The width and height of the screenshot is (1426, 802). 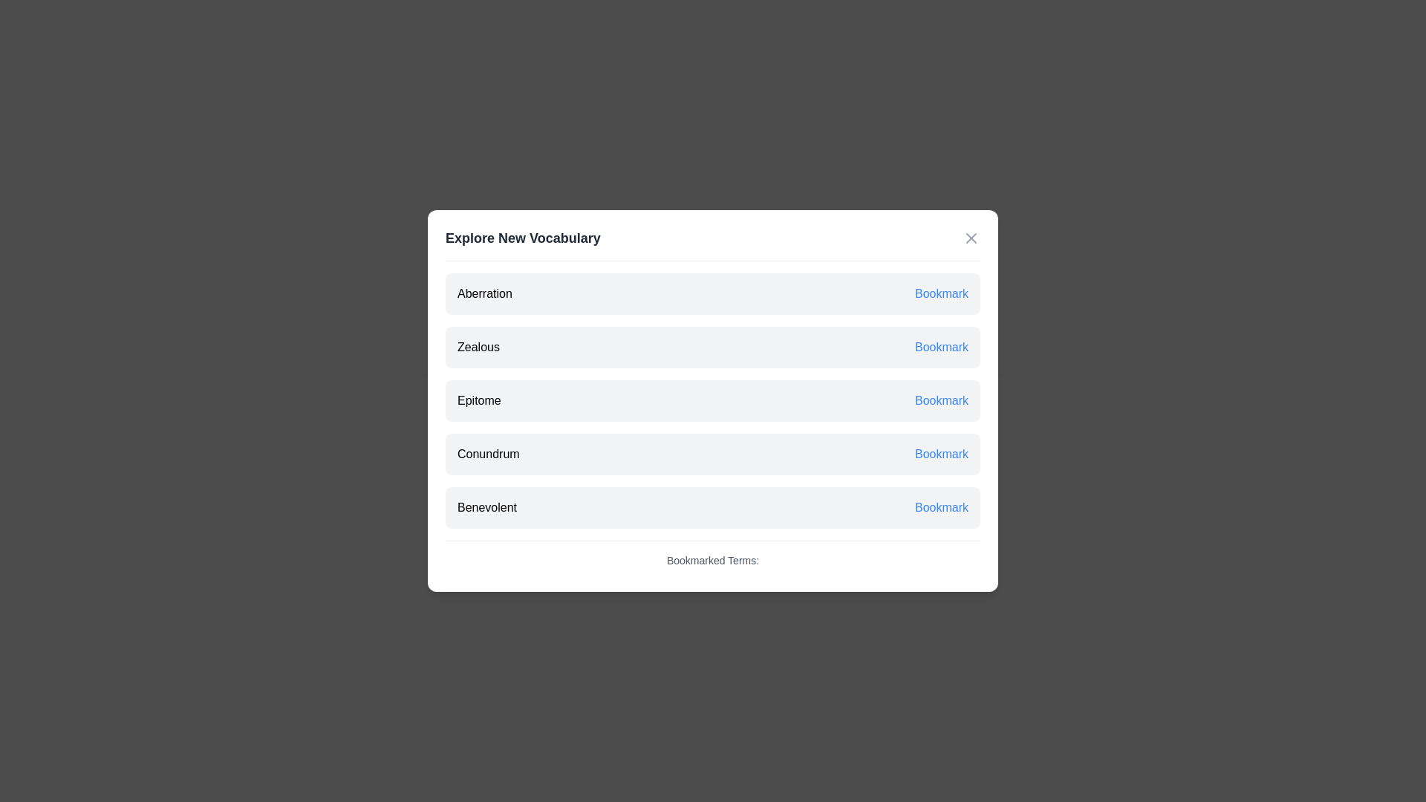 I want to click on the 'Bookmark' button for the term Conundrum, so click(x=940, y=454).